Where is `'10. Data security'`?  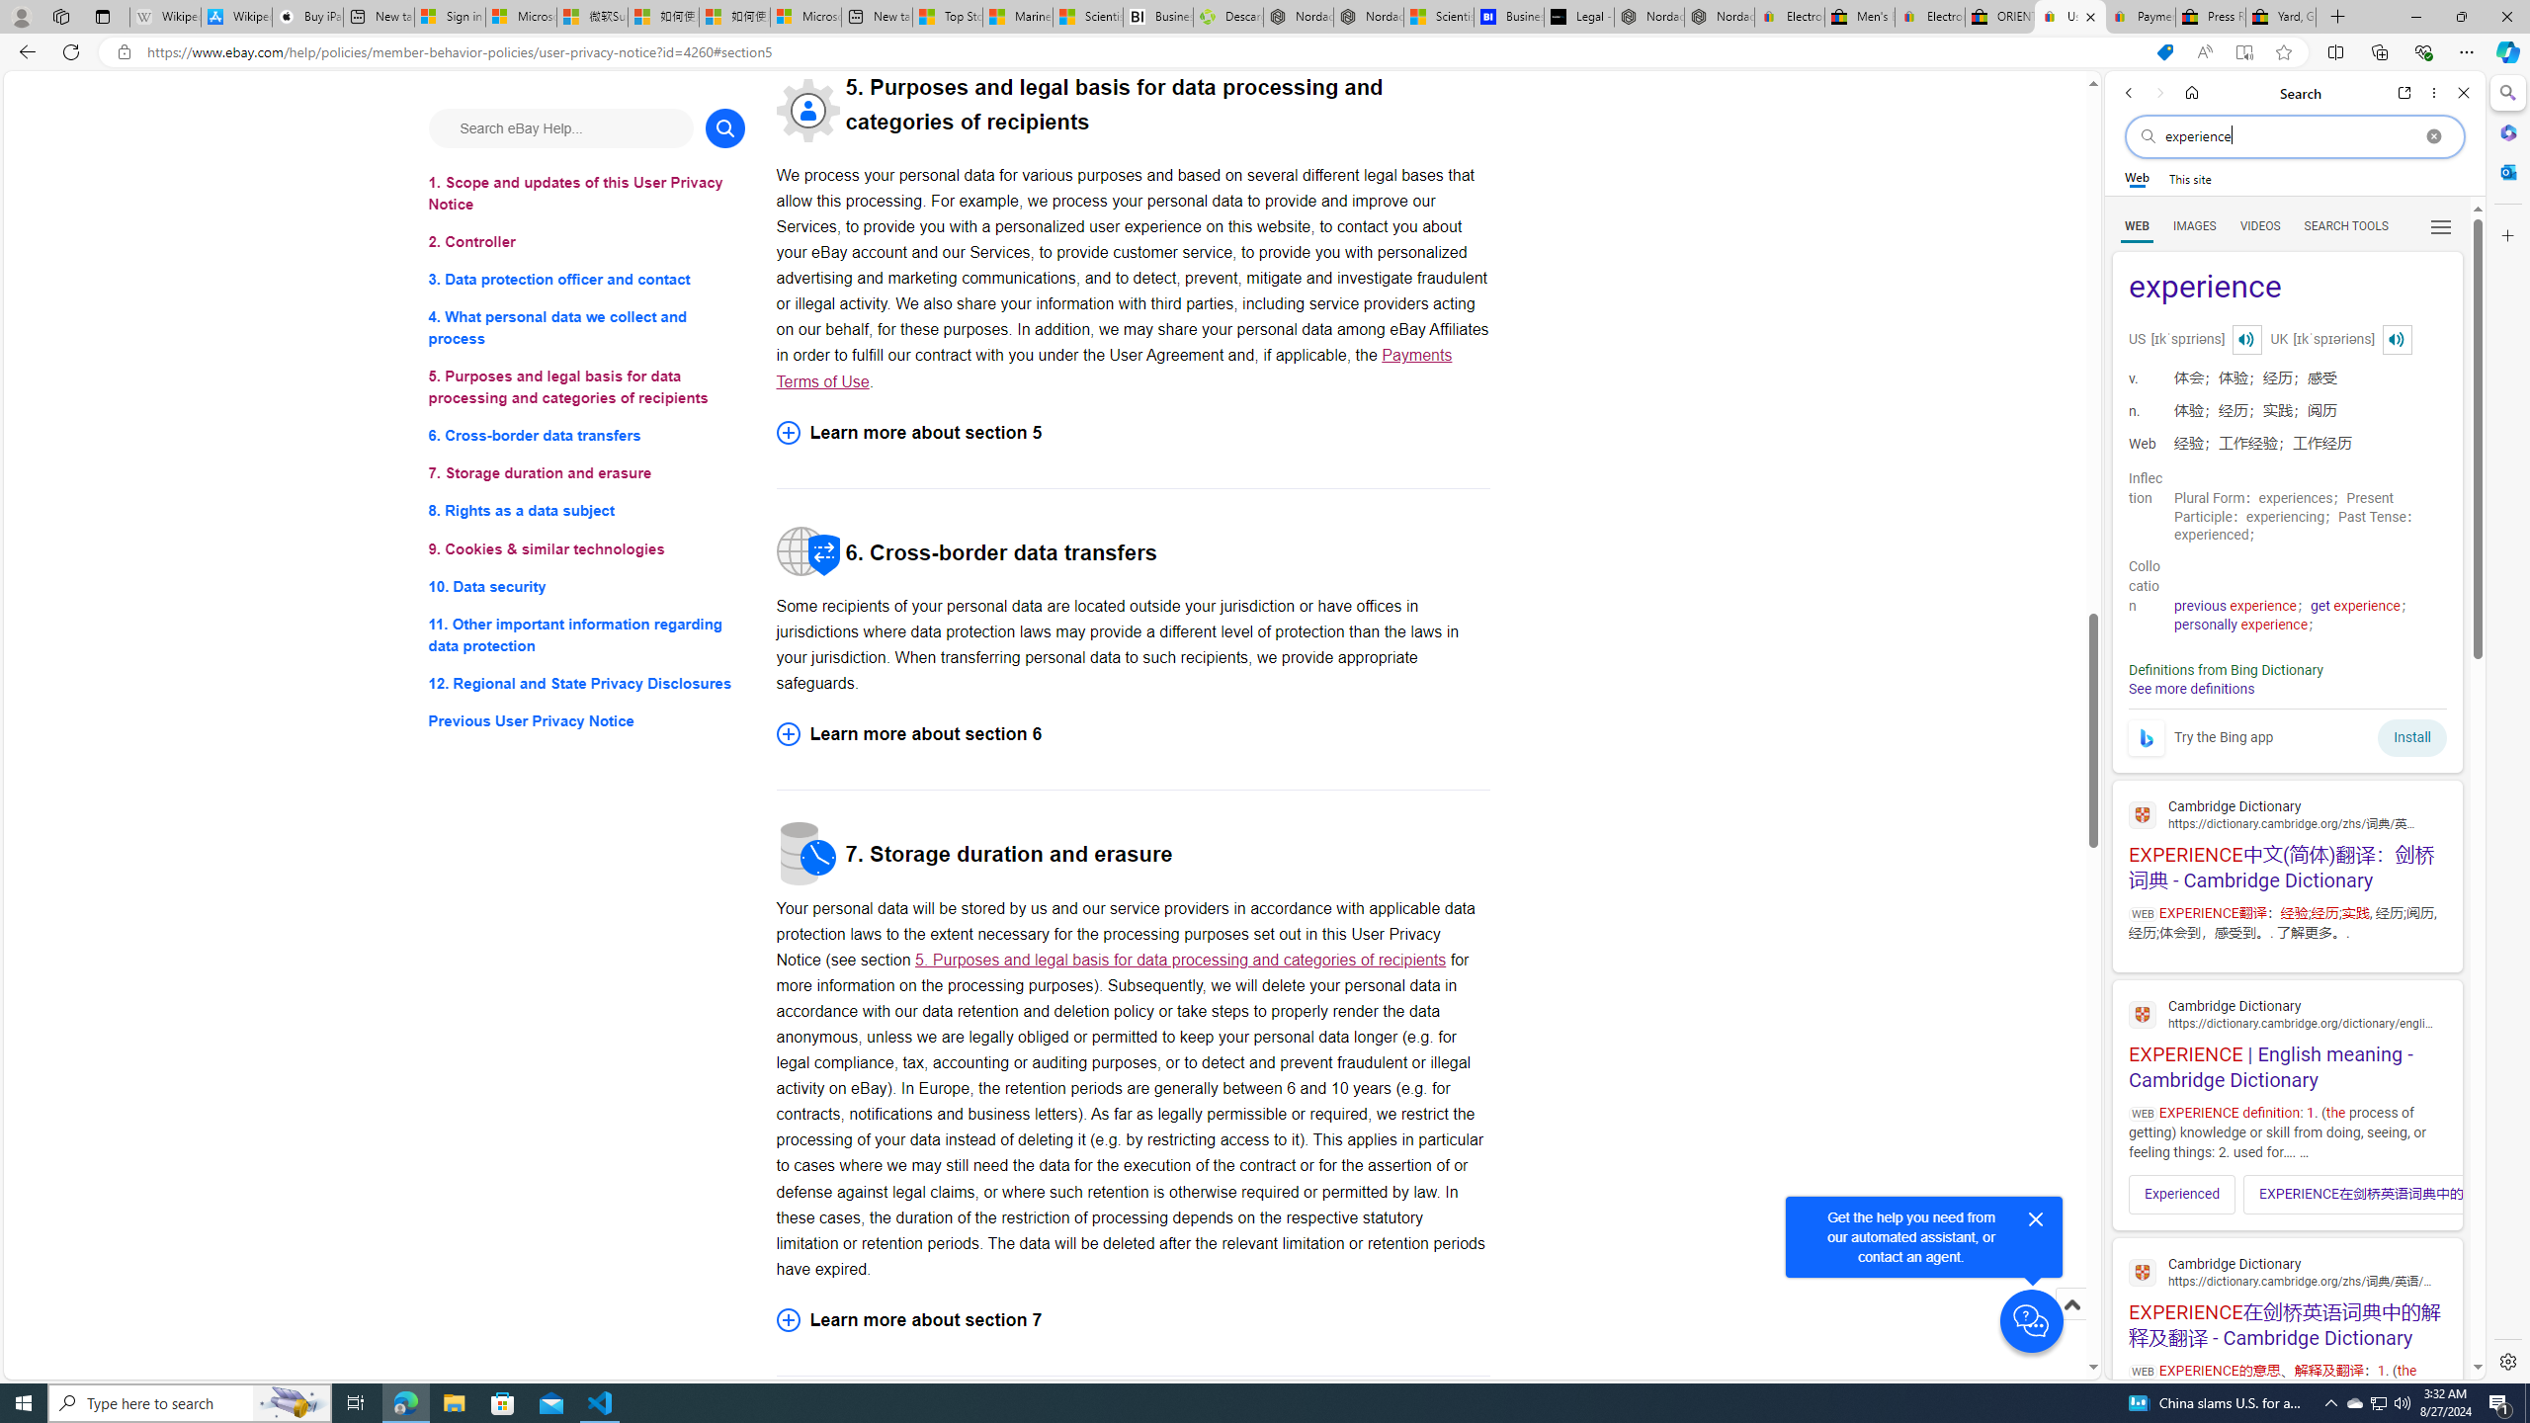
'10. Data security' is located at coordinates (585, 586).